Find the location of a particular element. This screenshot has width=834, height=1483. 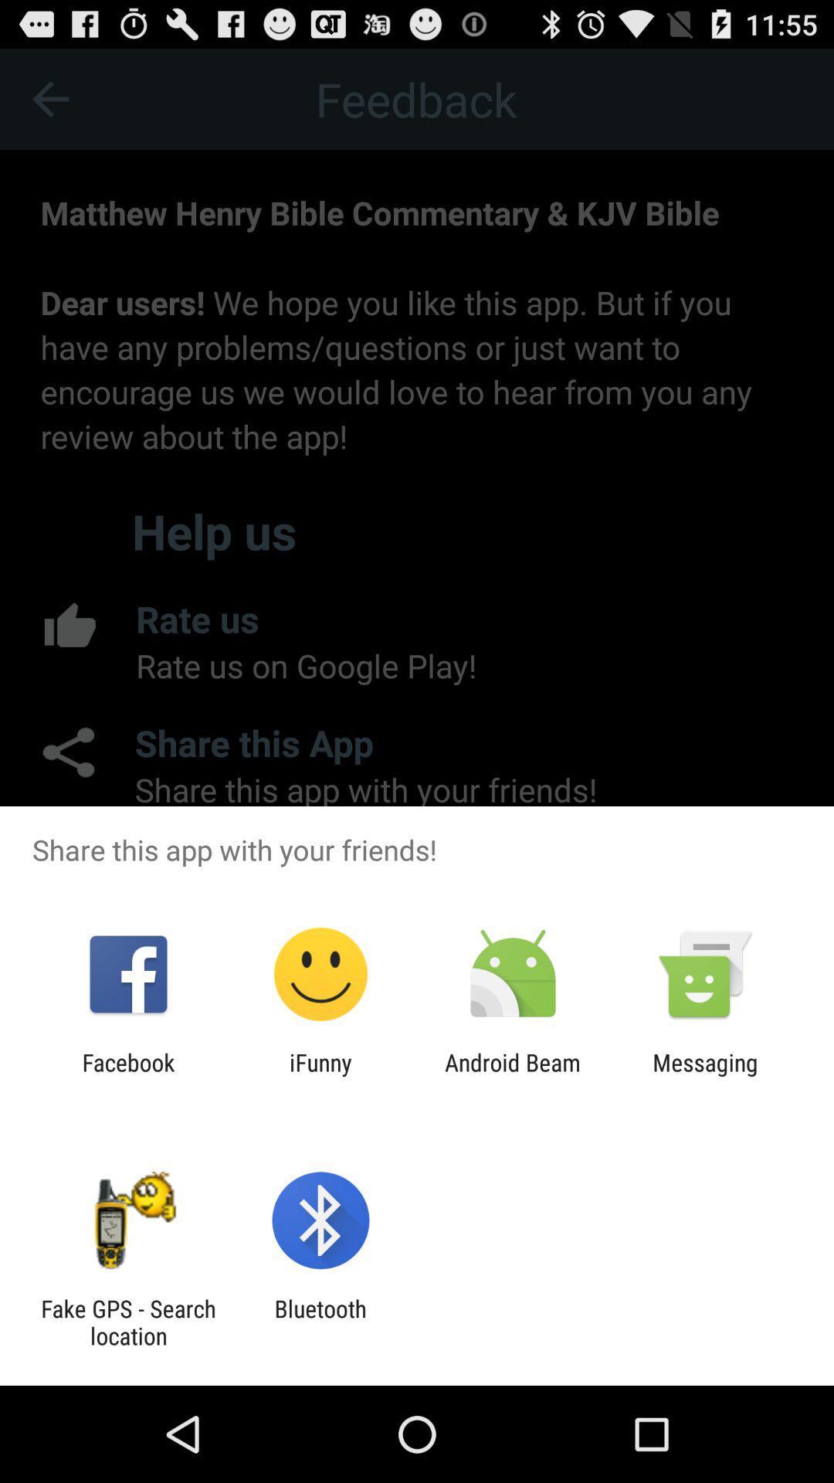

the item to the right of the fake gps search item is located at coordinates (320, 1322).